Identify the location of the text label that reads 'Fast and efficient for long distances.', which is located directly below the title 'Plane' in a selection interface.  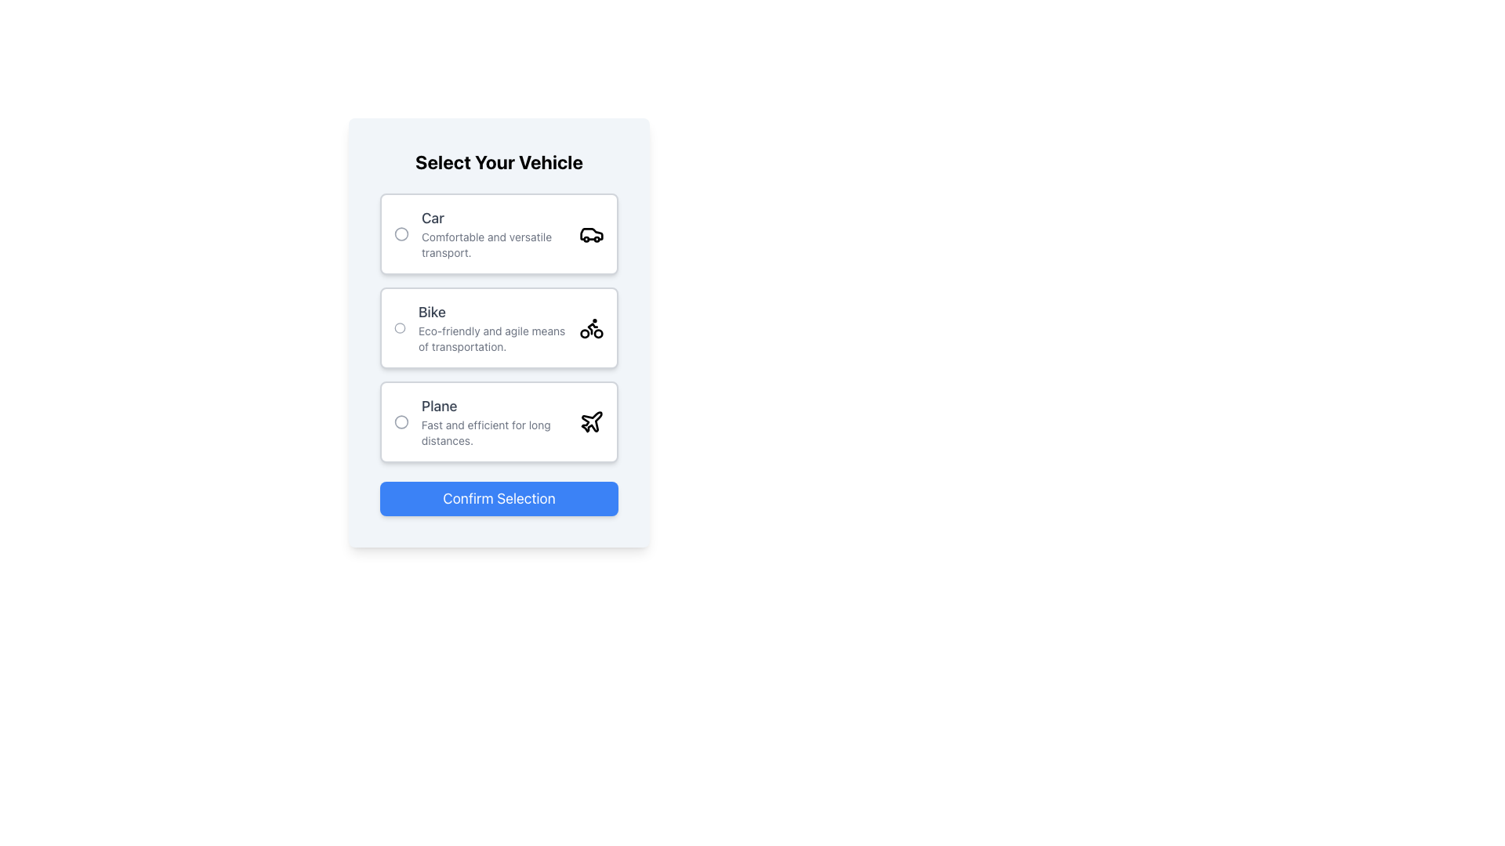
(493, 432).